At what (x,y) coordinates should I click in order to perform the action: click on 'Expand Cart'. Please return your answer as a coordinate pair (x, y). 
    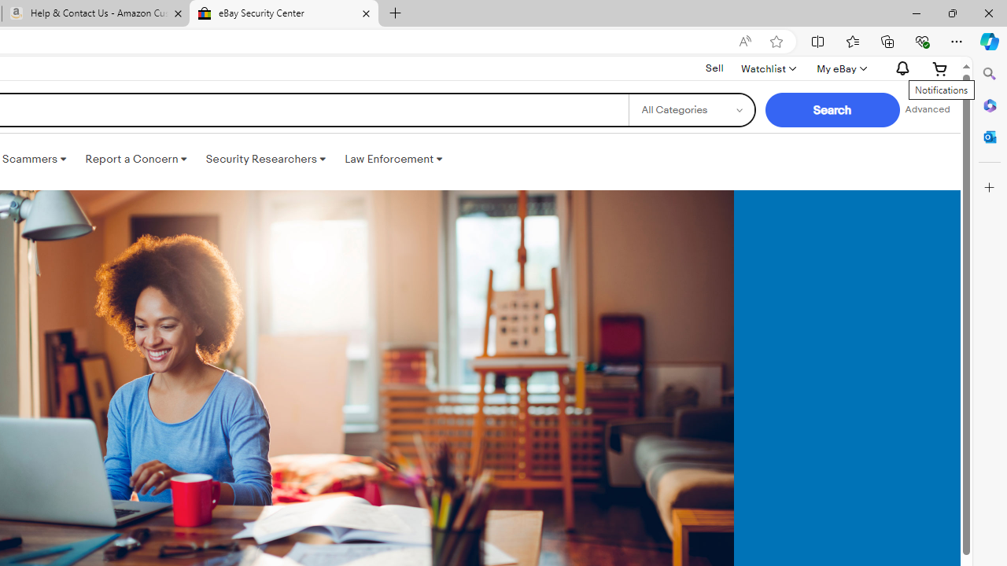
    Looking at the image, I should click on (940, 68).